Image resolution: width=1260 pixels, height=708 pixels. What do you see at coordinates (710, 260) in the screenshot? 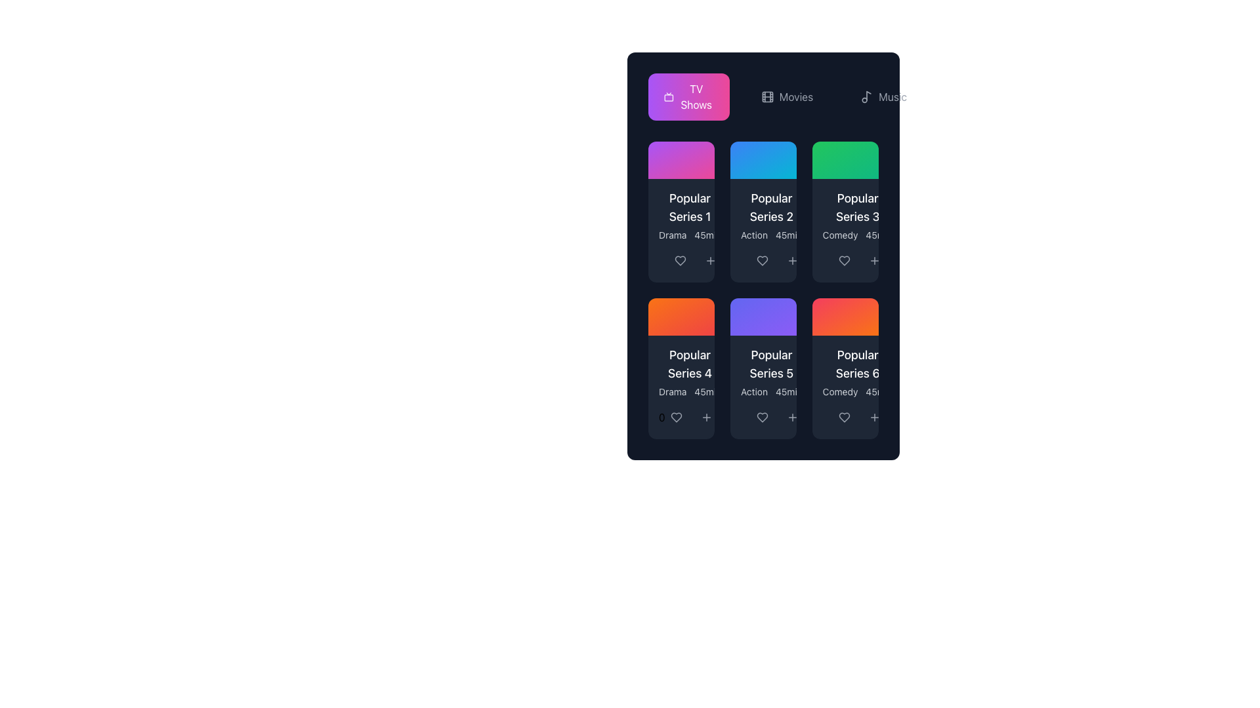
I see `the add button located in the bottom right area of the 'Popular Series 1' card` at bounding box center [710, 260].